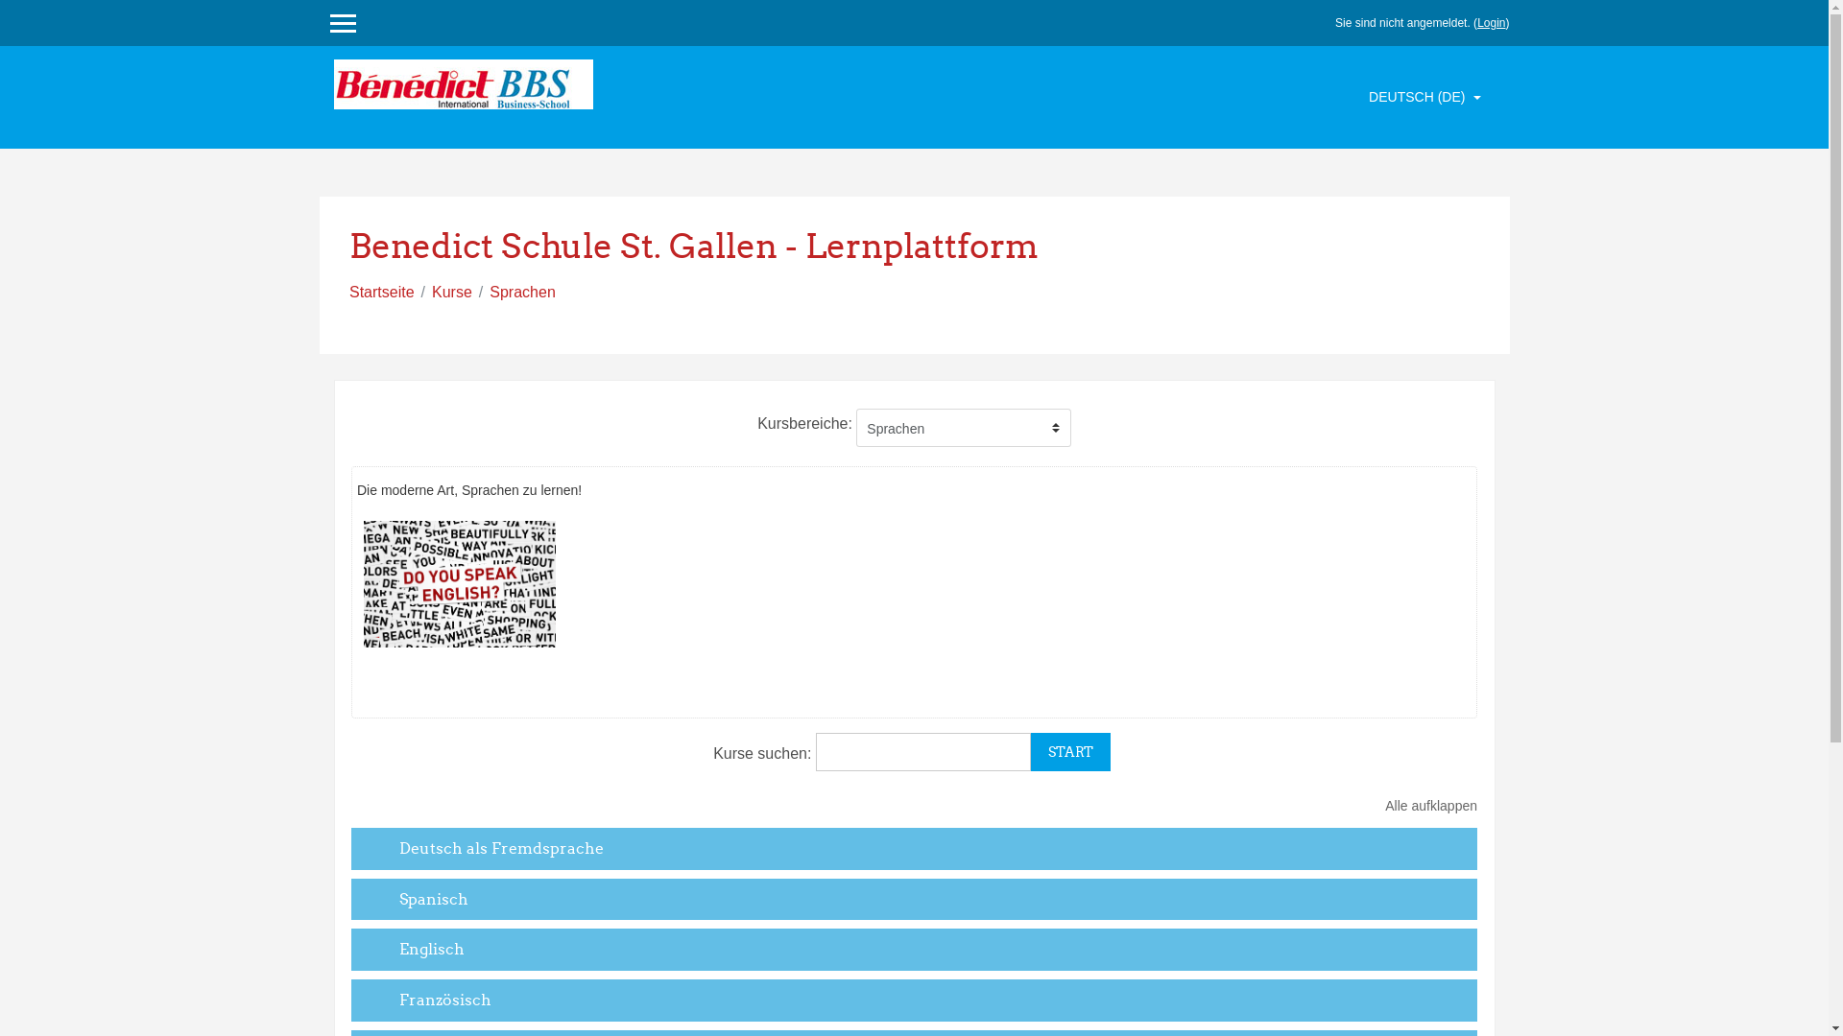 The height and width of the screenshot is (1036, 1843). I want to click on 'Englisch', so click(431, 947).